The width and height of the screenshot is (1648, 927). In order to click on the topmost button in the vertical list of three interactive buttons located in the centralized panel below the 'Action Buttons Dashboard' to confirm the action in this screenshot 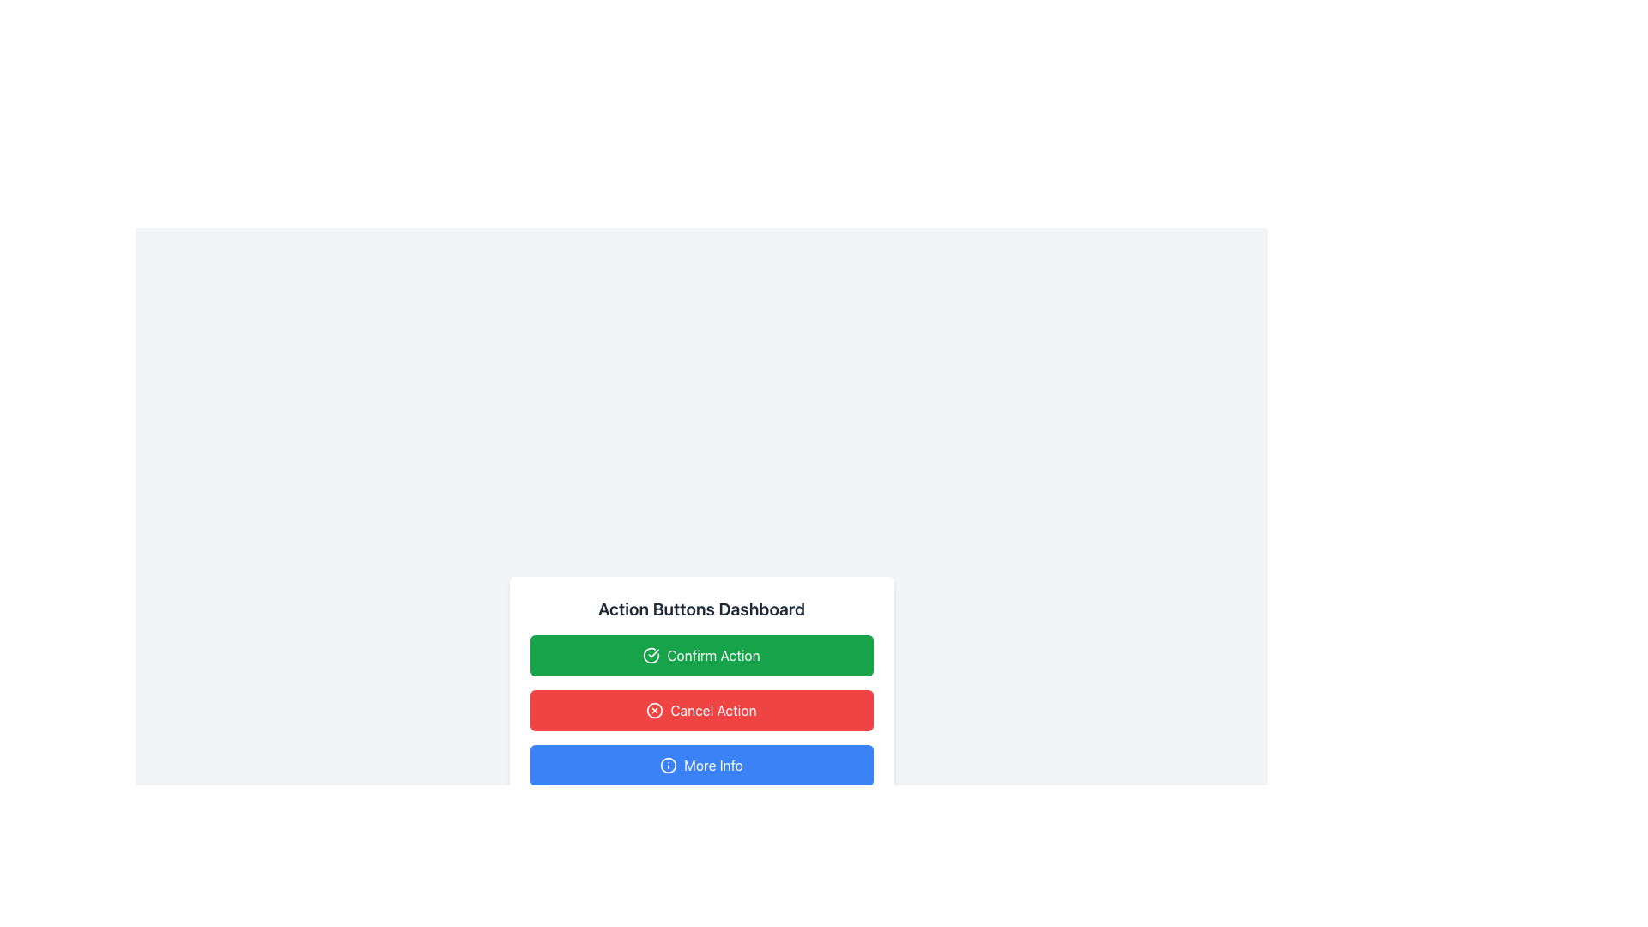, I will do `click(701, 655)`.